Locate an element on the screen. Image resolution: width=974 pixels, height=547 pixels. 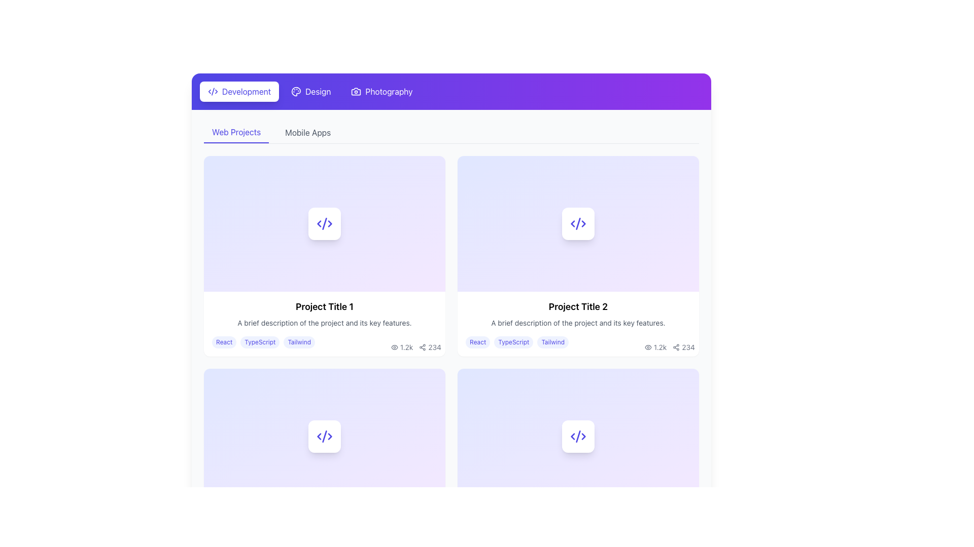
interaction metrics displayed in the Statistics row at the bottom-right corner of the card for 'Project Title 1', which shows views and shares is located at coordinates (416, 346).